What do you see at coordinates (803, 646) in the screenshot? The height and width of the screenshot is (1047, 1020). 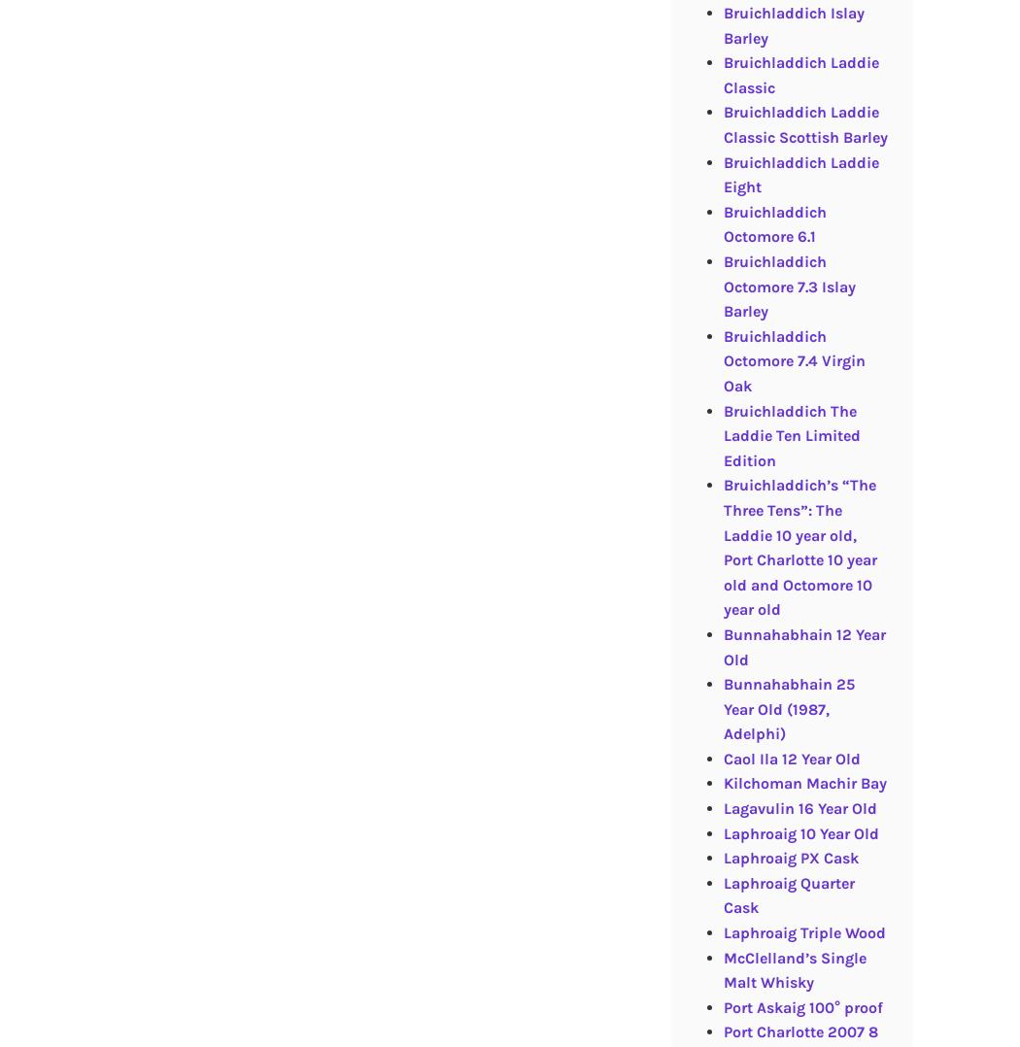 I see `'Bunnahabhain 12 Year Old'` at bounding box center [803, 646].